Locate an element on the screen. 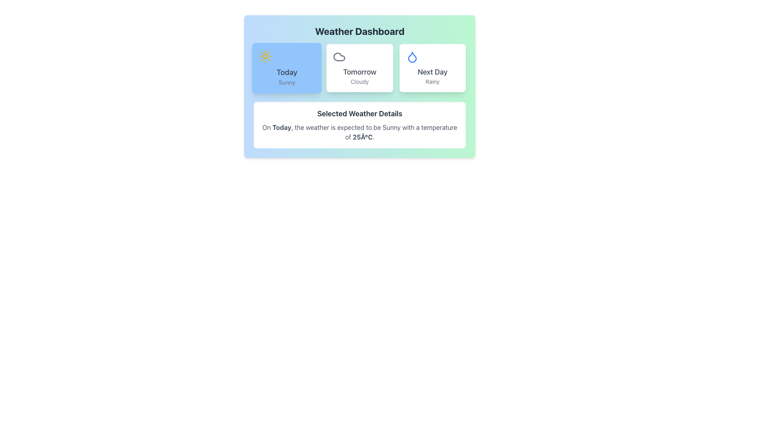  the text 'Today' displayed in a medium-sized, gray-colored font, located within a light blue rectangular card on the Weather Dashboard is located at coordinates (287, 72).